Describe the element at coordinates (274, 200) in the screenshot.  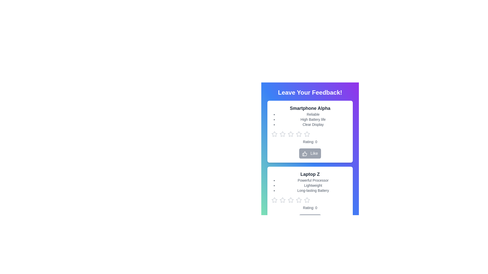
I see `the first interactive star icon for rating purposes located below the 'Laptop Z' product review section` at that location.